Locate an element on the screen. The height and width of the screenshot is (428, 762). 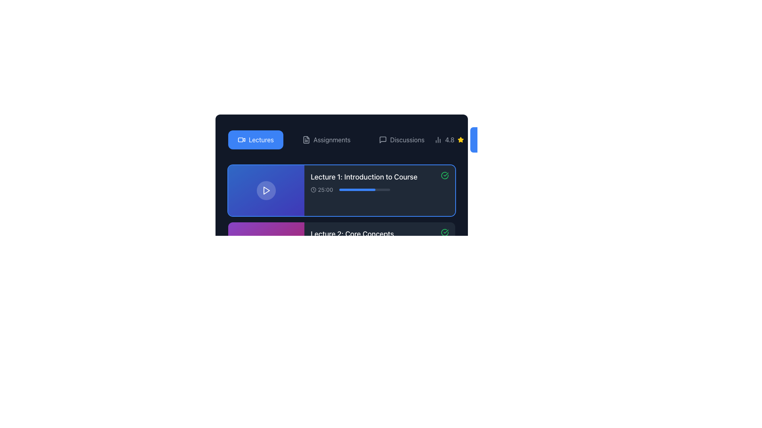
the progress bar that visually represents the progress of an activity, located to the right of the text '25:00' is located at coordinates (364, 189).